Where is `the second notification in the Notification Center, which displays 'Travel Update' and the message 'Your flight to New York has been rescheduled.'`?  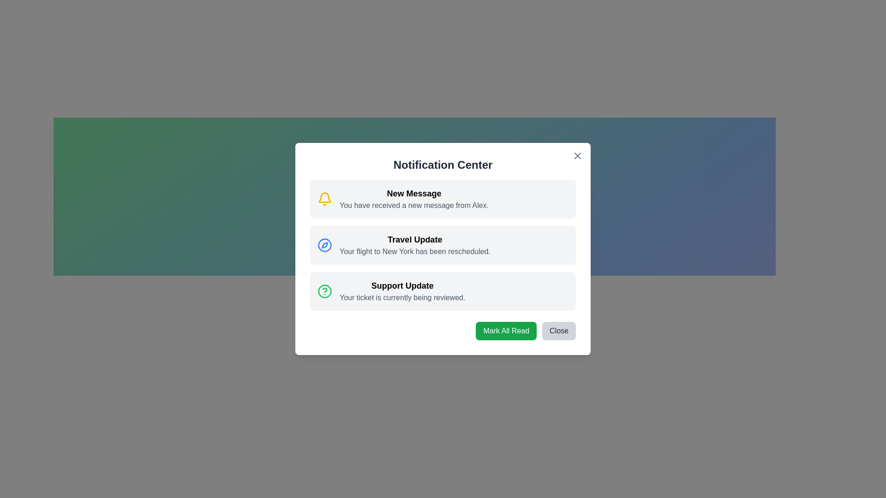 the second notification in the Notification Center, which displays 'Travel Update' and the message 'Your flight to New York has been rescheduled.' is located at coordinates (443, 245).